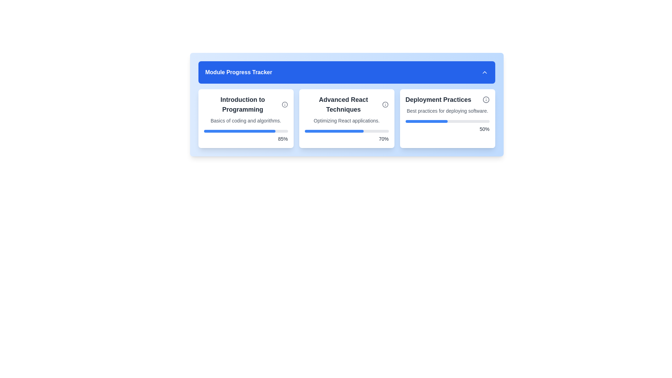 The height and width of the screenshot is (378, 672). What do you see at coordinates (285, 105) in the screenshot?
I see `the circular component of the info icon located at the top-right corner of the 'Introduction to Programming' card in the 'Module Progress Tracker' section` at bounding box center [285, 105].